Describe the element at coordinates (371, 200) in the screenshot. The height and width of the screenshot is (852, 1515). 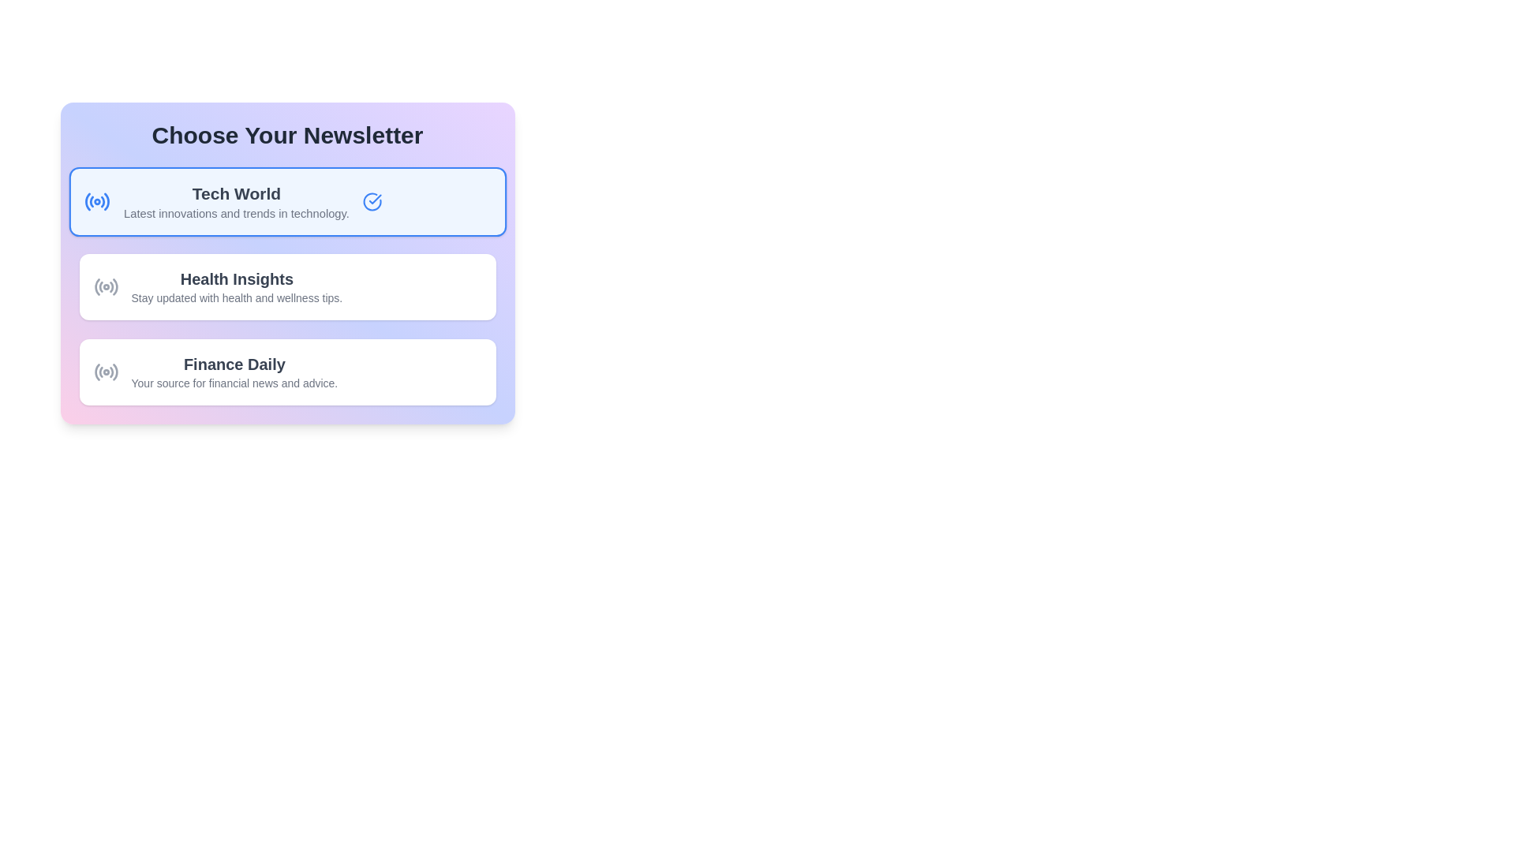
I see `the circular blue check mark icon located in the top right corner of the 'Tech World' section` at that location.